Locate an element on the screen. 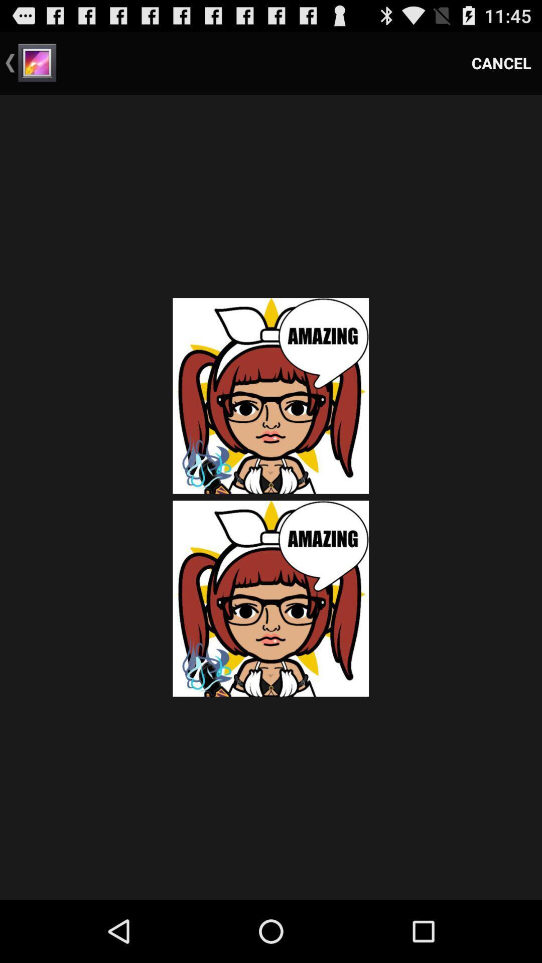 This screenshot has height=963, width=542. the cancel is located at coordinates (501, 62).